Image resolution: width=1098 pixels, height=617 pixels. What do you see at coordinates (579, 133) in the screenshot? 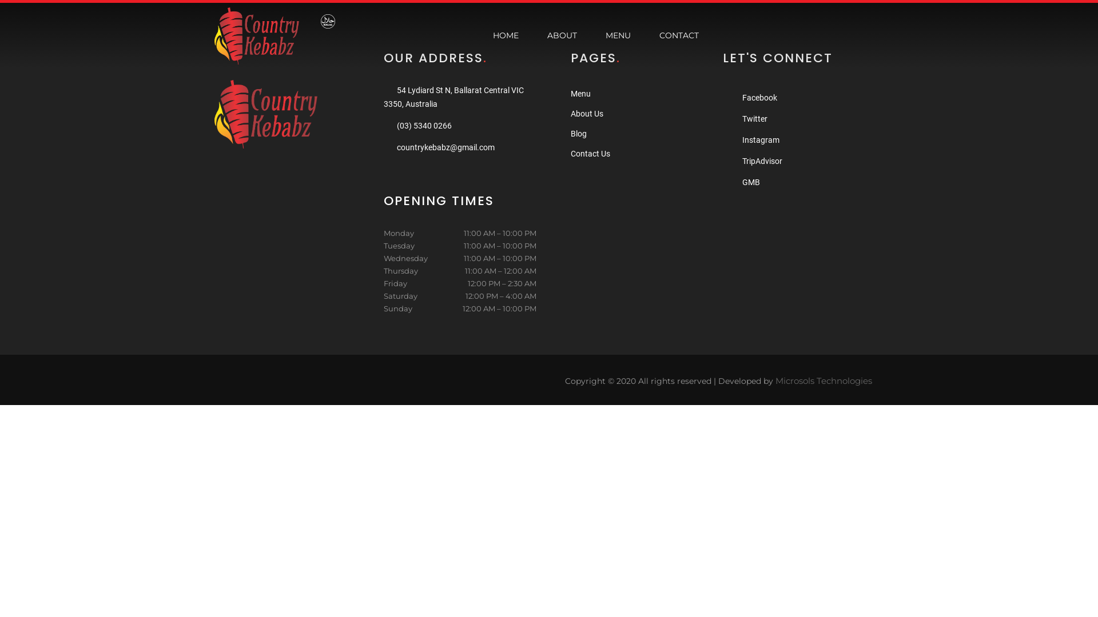
I see `'Blog'` at bounding box center [579, 133].